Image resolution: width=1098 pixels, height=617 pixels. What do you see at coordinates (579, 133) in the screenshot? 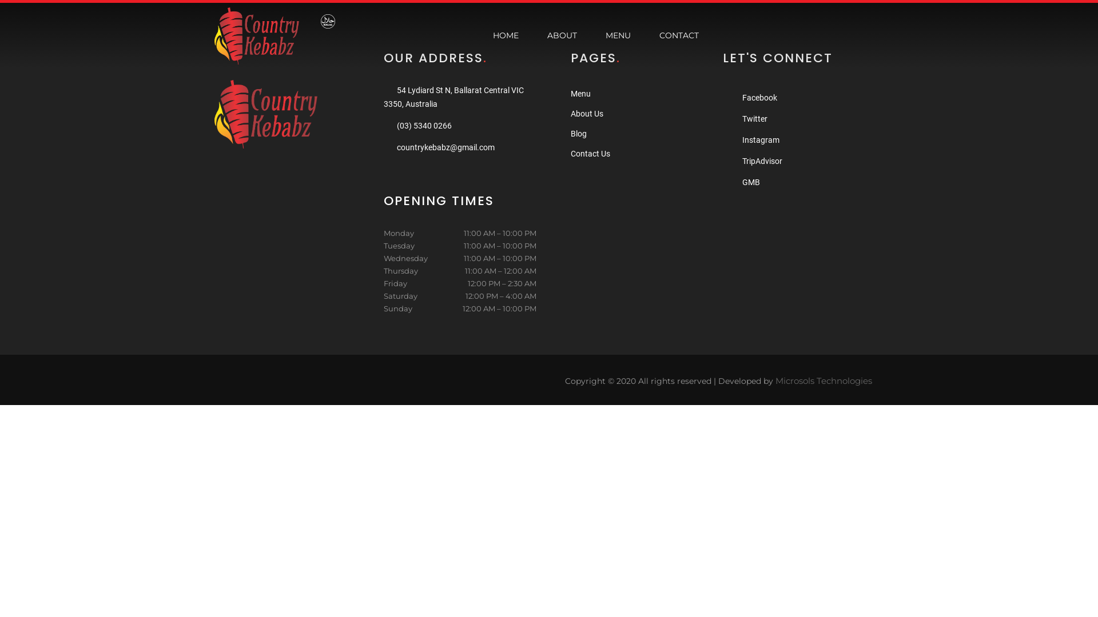
I see `'Blog'` at bounding box center [579, 133].